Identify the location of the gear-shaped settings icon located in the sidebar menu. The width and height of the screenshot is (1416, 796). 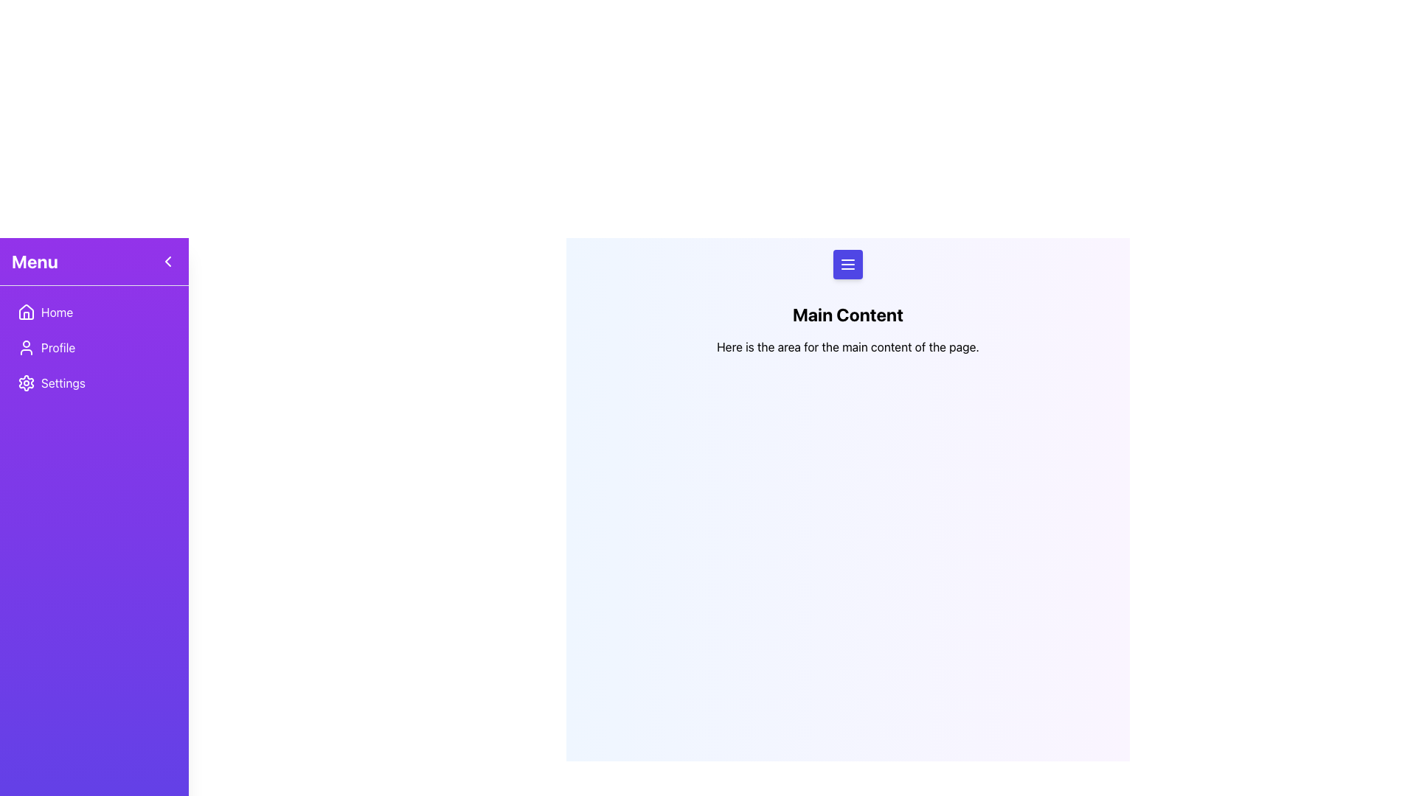
(26, 383).